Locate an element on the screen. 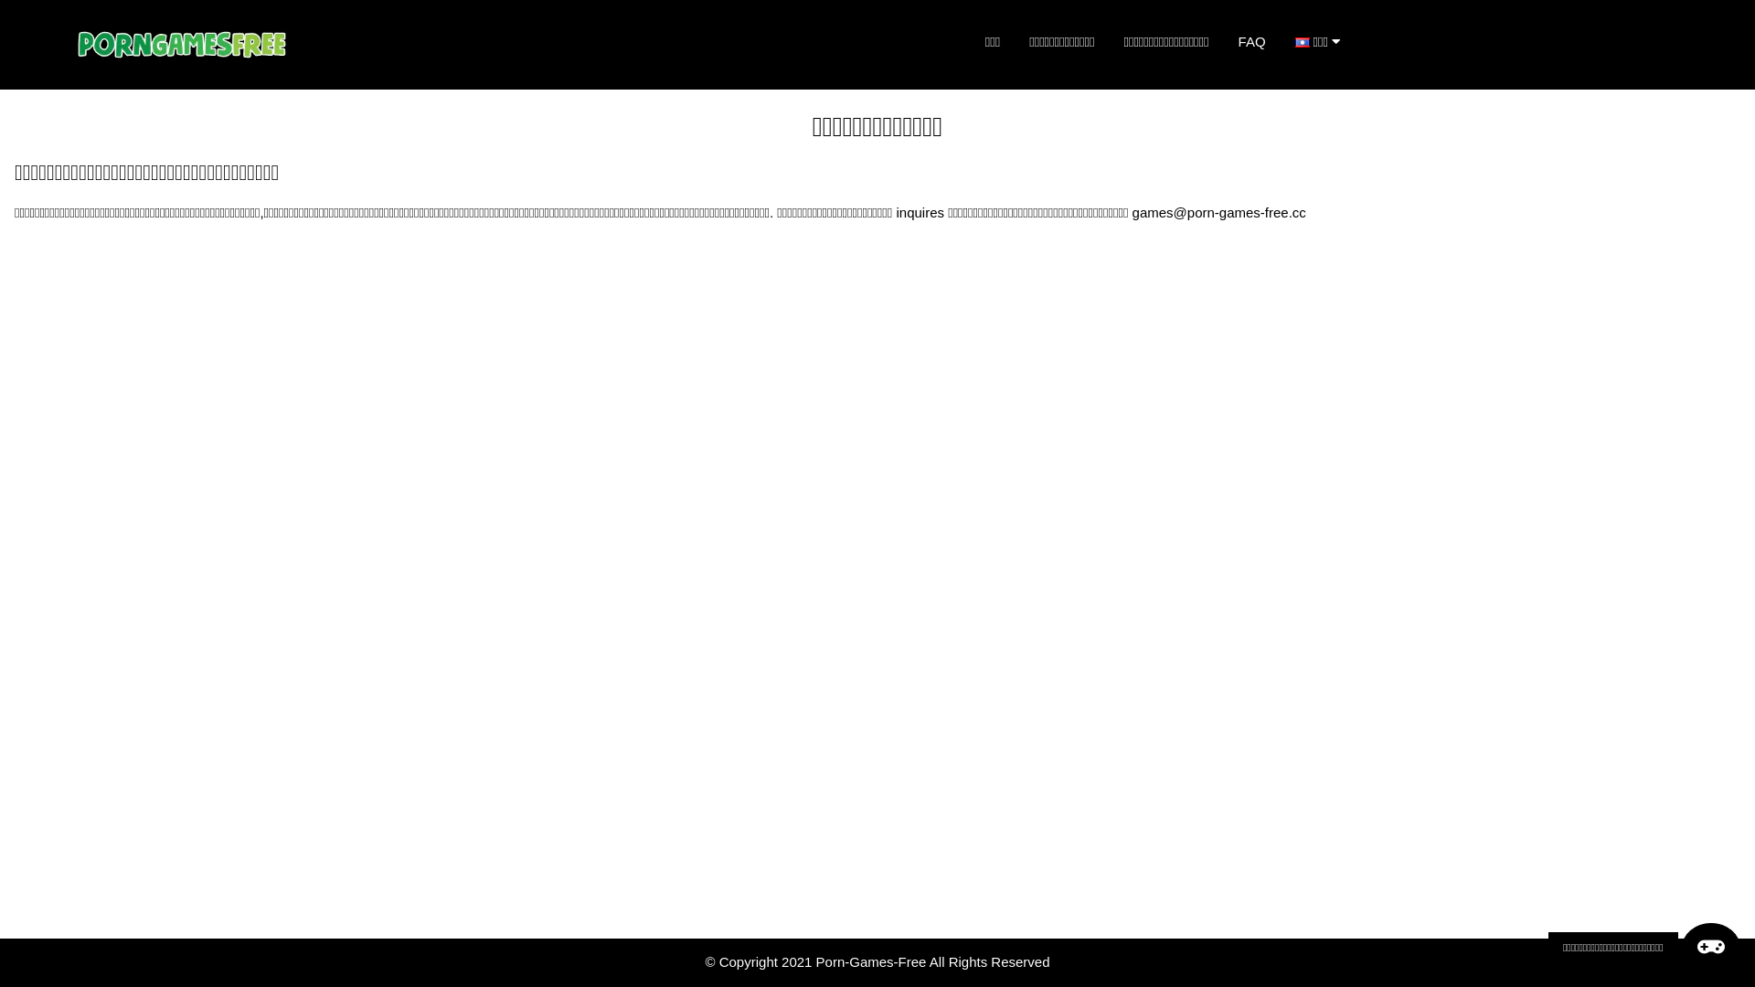 This screenshot has height=987, width=1755. 'FAQ' is located at coordinates (1250, 41).